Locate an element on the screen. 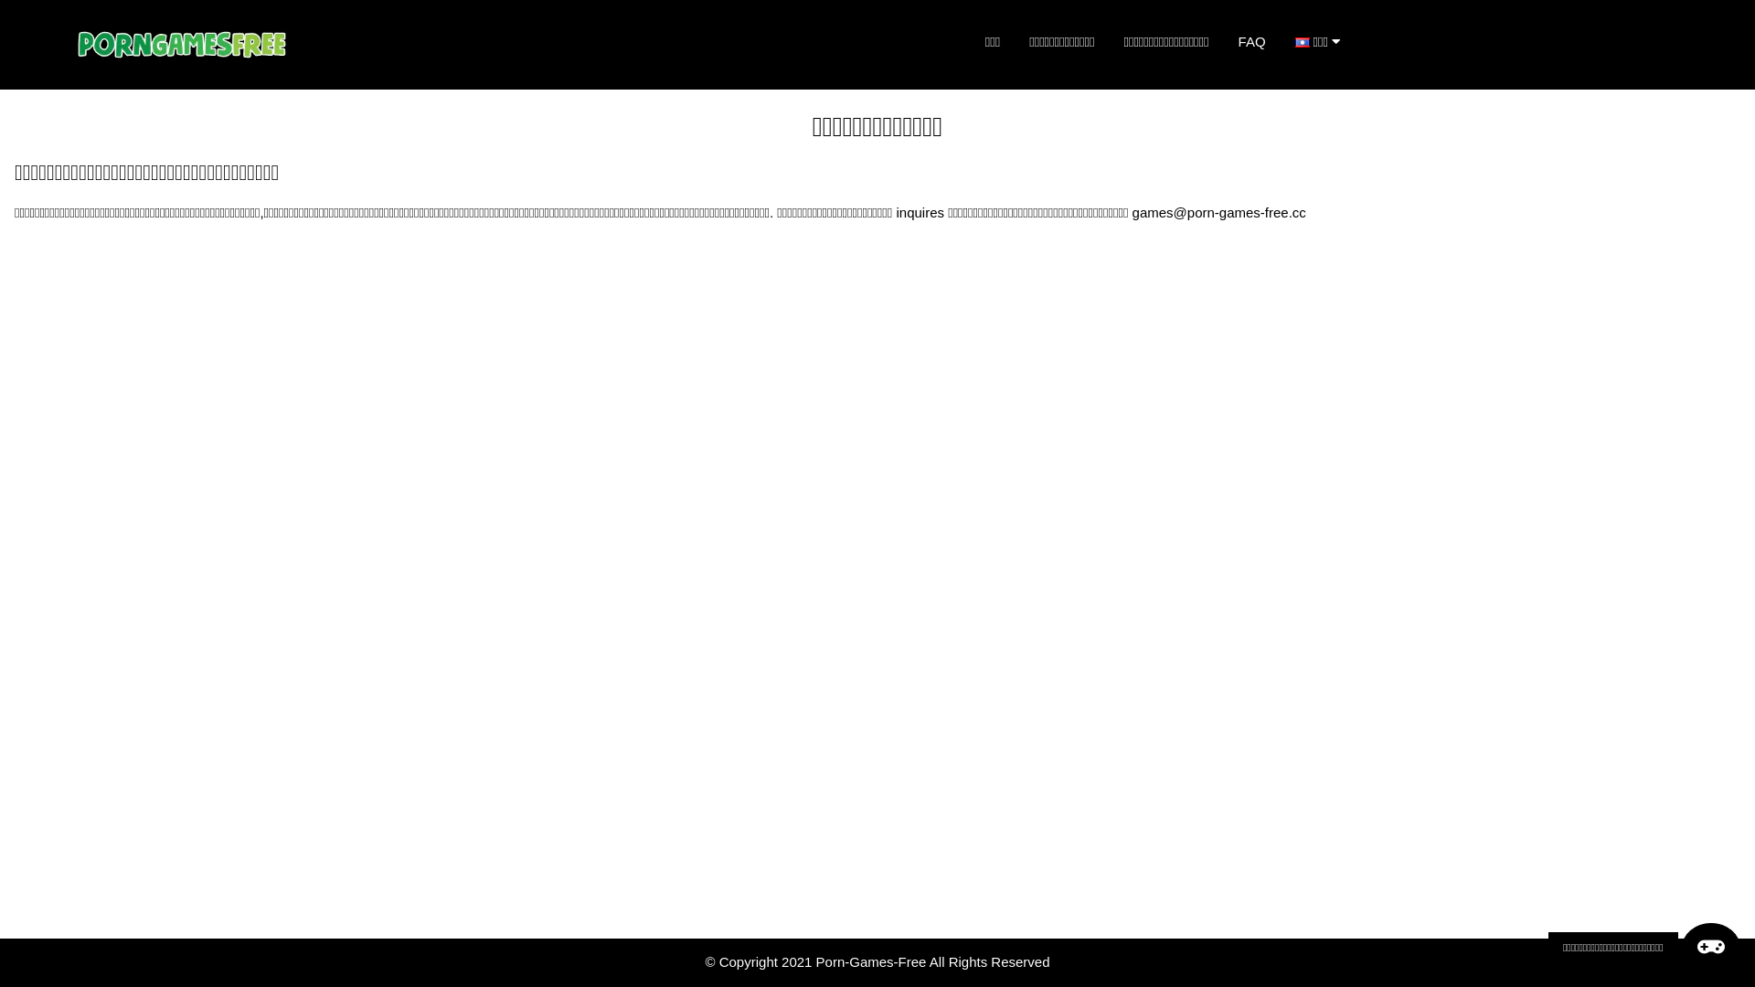 This screenshot has height=987, width=1755. 'FAQ' is located at coordinates (1250, 41).